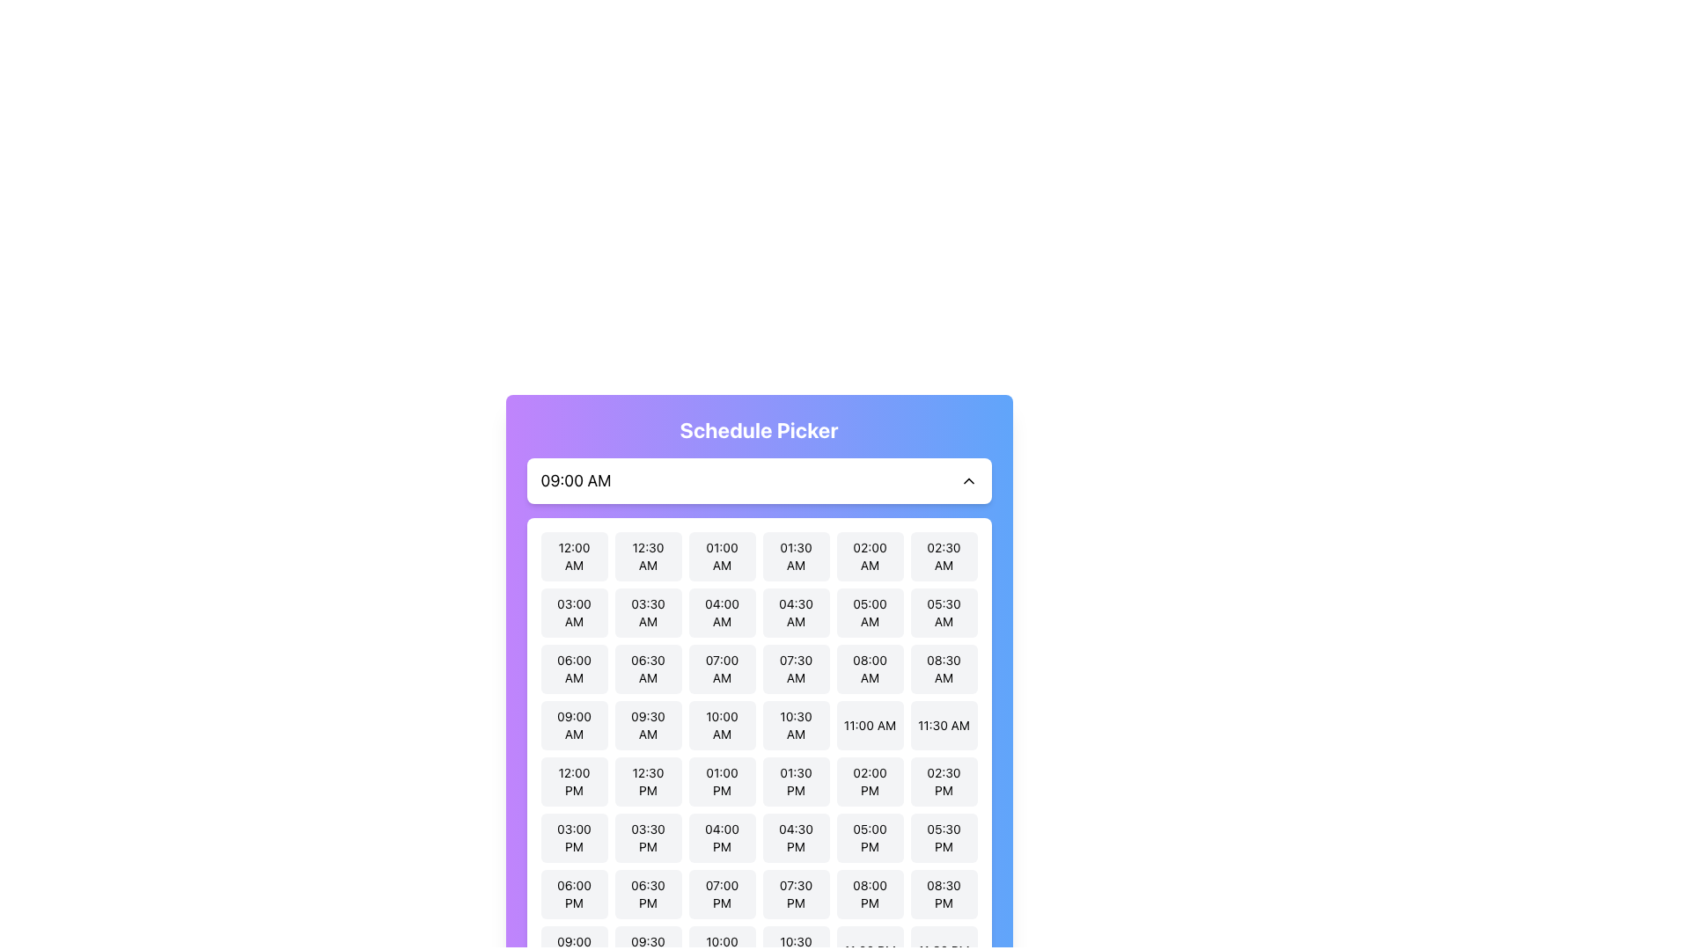 This screenshot has height=950, width=1690. I want to click on the button labeled '07:30 PM' which is a rounded rectangle with a light gray background, so click(795, 895).